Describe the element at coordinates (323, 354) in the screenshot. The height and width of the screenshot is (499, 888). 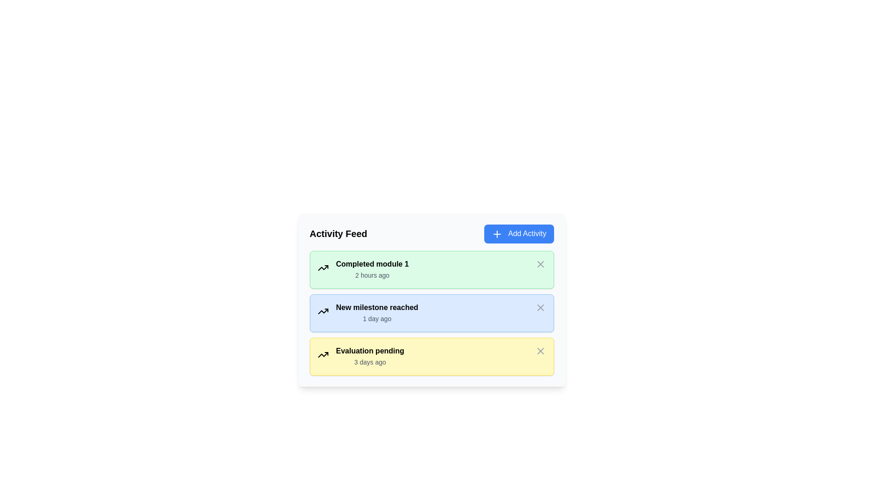
I see `the small, black line graph icon representing a trending upward arrow located in the pale yellow area of the third card in the activity feed, adjacent to the bold title text 'Evaluation pending'` at that location.